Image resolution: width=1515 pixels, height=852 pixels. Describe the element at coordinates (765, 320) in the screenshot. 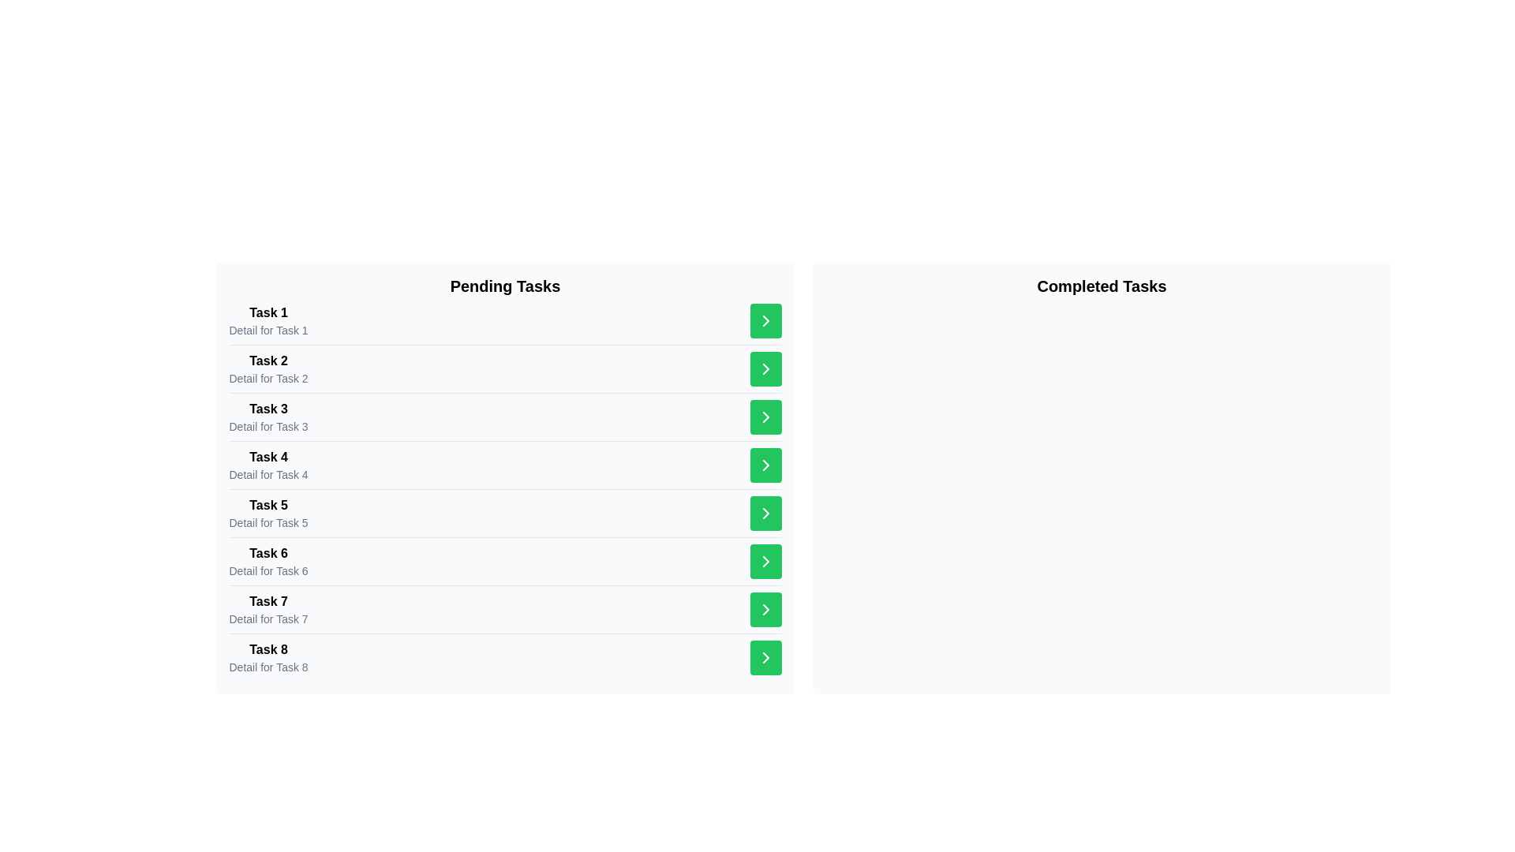

I see `the chevron-right icon element inside the green circular button located to the far right of the first task row under 'Pending Tasks'` at that location.